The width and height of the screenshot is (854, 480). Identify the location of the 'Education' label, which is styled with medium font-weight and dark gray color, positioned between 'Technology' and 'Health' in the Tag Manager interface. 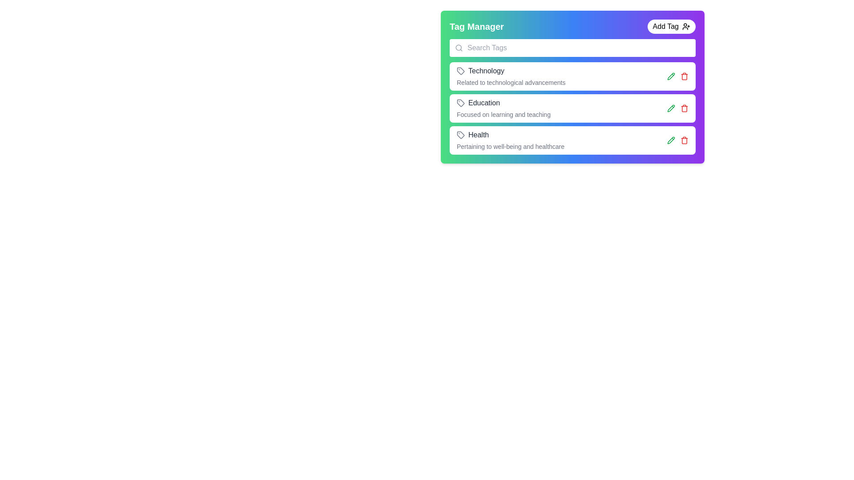
(483, 102).